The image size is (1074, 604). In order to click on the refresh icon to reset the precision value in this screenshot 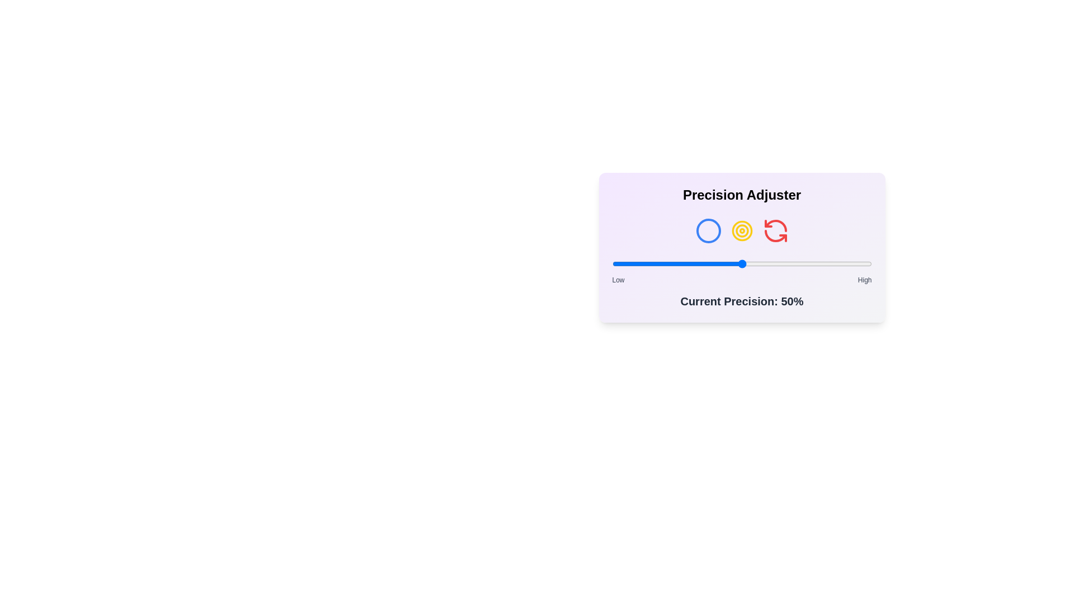, I will do `click(775, 230)`.